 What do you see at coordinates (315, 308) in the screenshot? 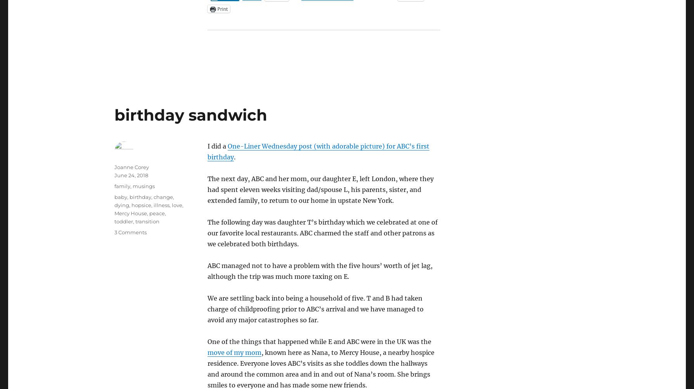
I see `'We are settling back into being a household of five. T and B had taken charge of childproofing prior to ABC’s arrival and we have managed to avoid any major catastrophes so far.'` at bounding box center [315, 308].